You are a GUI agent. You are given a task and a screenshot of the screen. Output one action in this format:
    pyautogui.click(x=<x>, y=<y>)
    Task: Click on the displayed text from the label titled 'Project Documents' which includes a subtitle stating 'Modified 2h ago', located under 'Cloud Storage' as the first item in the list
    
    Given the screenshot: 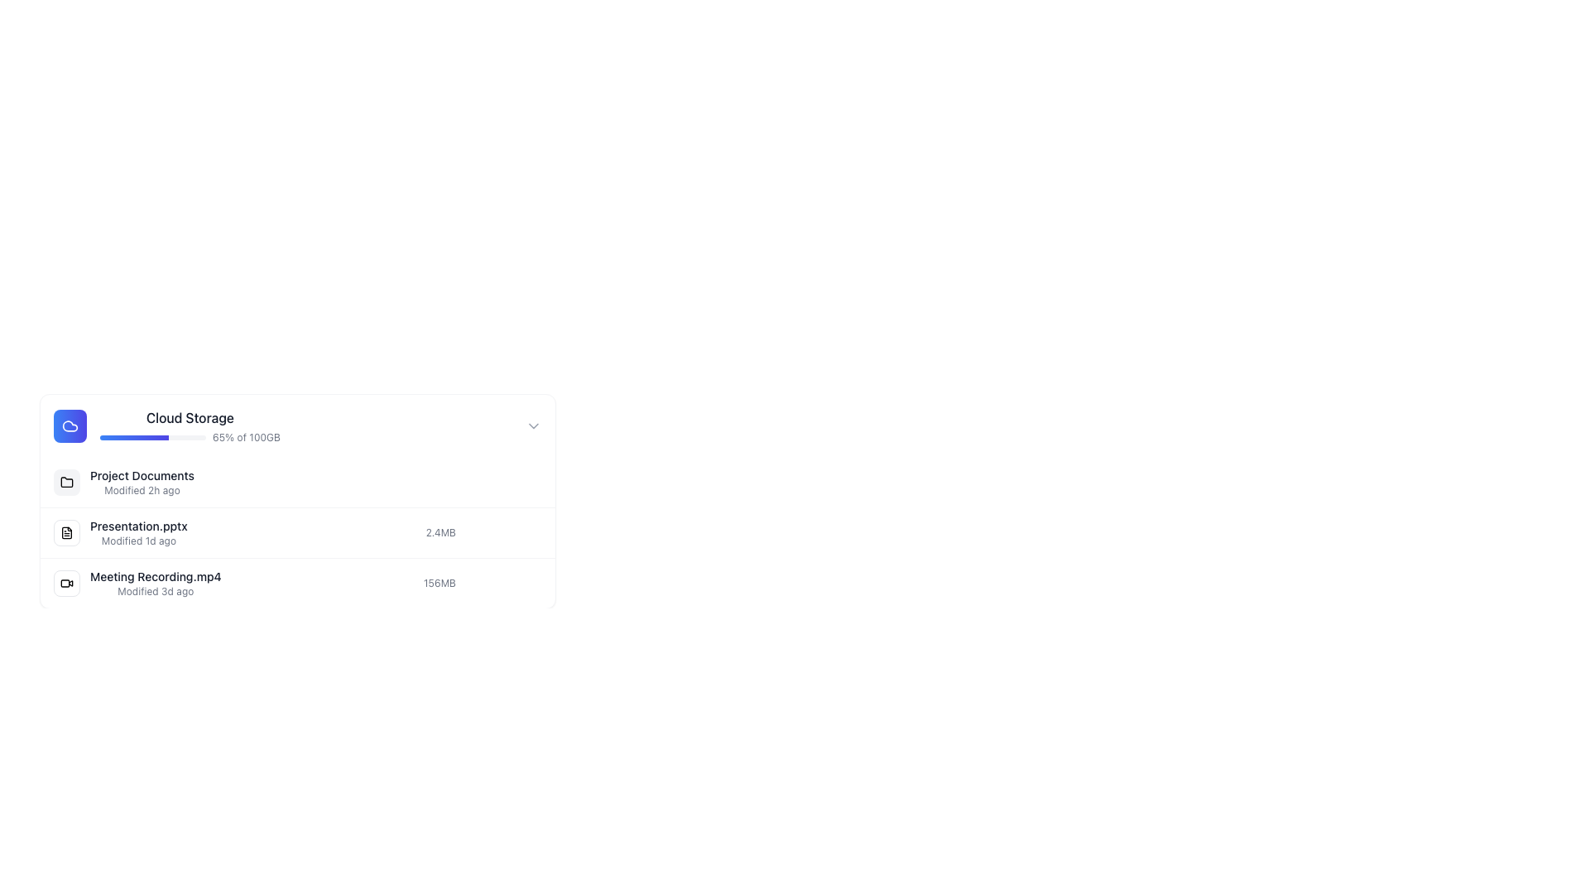 What is the action you would take?
    pyautogui.click(x=142, y=482)
    